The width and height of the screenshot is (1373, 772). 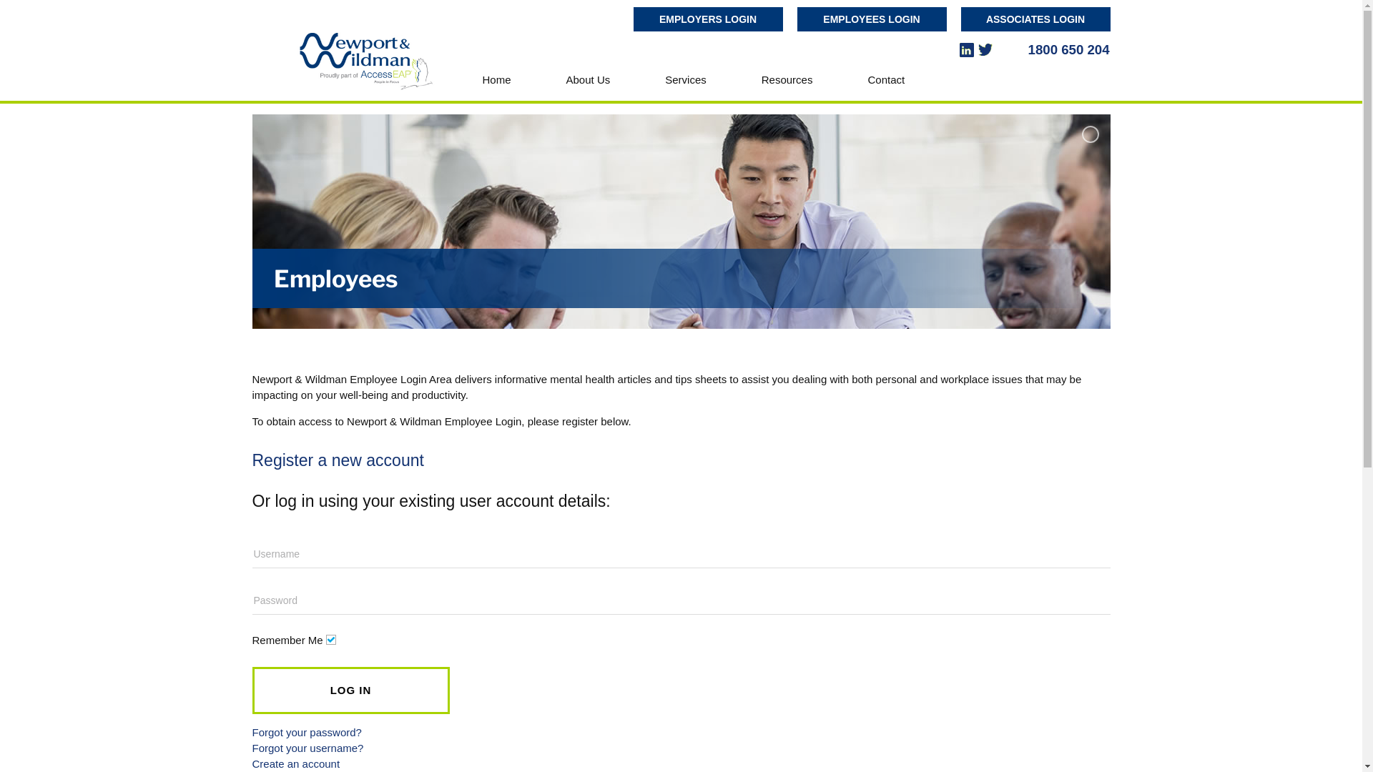 What do you see at coordinates (885, 79) in the screenshot?
I see `'Contact'` at bounding box center [885, 79].